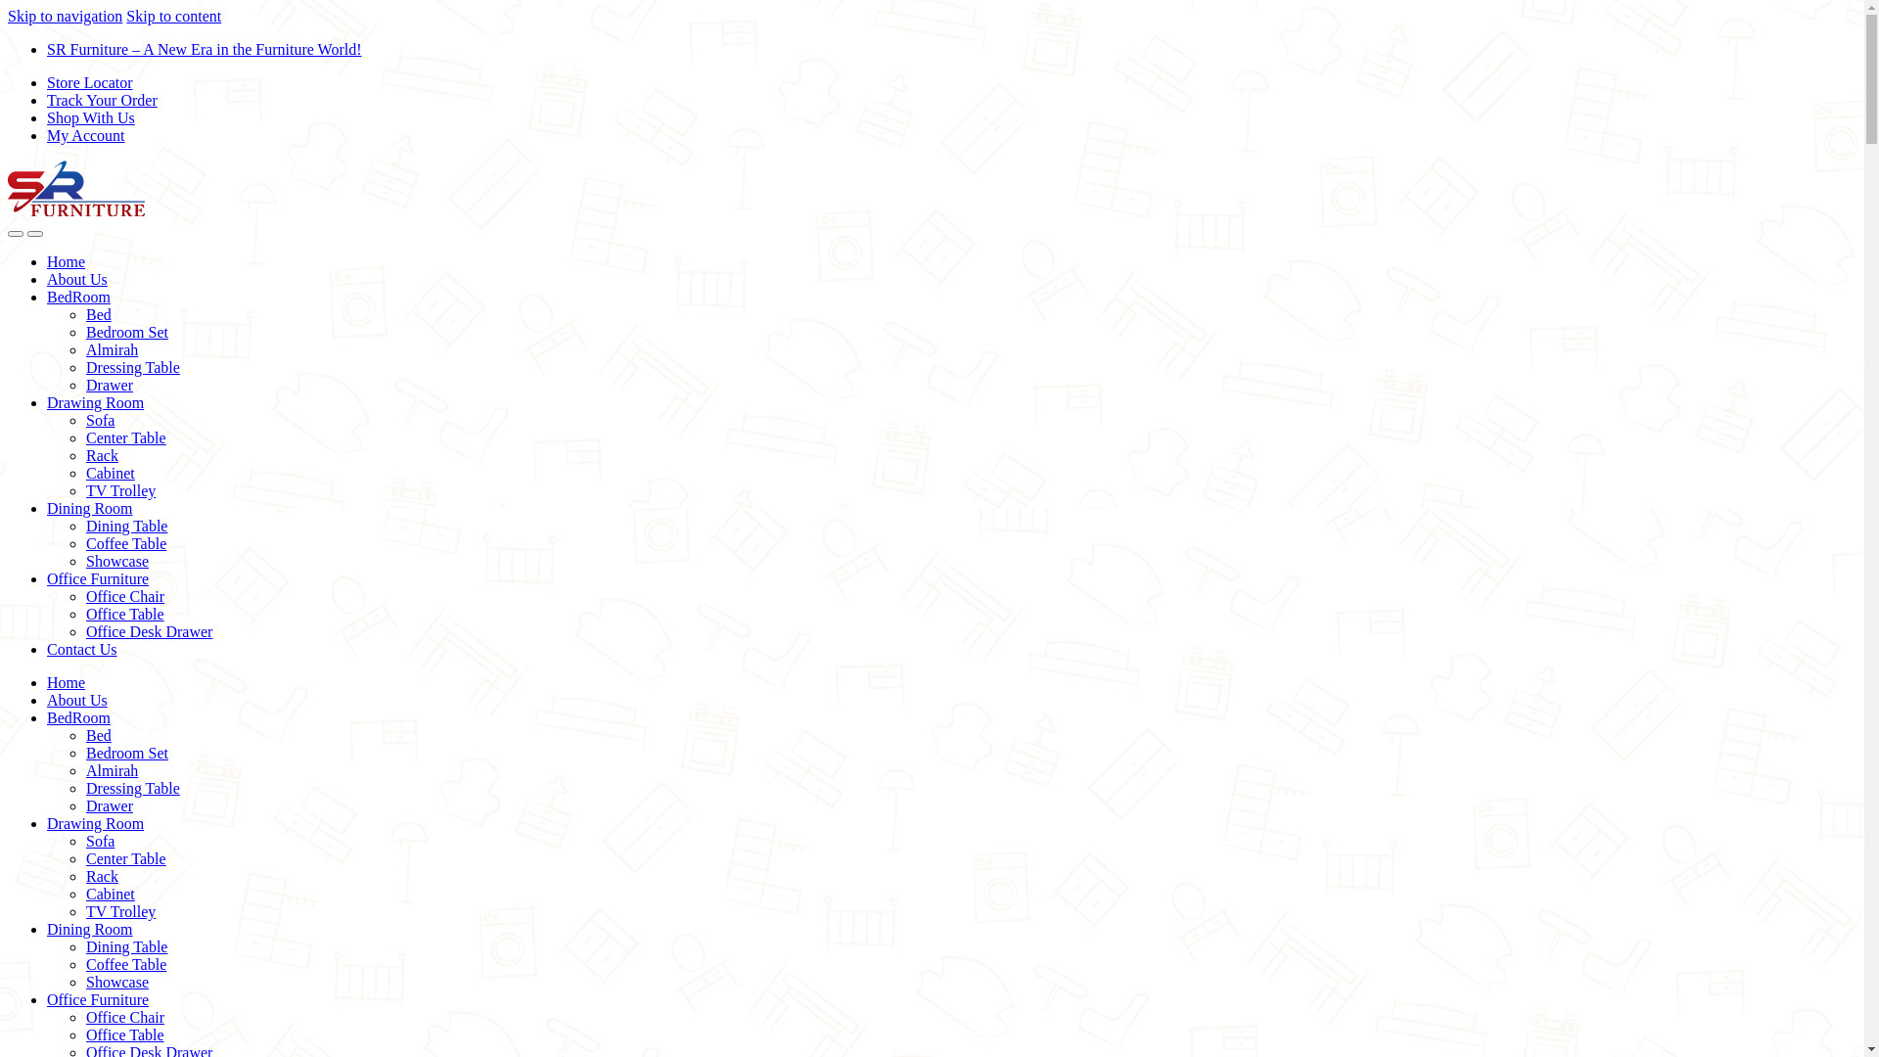 The height and width of the screenshot is (1057, 1879). I want to click on 'Rack', so click(101, 455).